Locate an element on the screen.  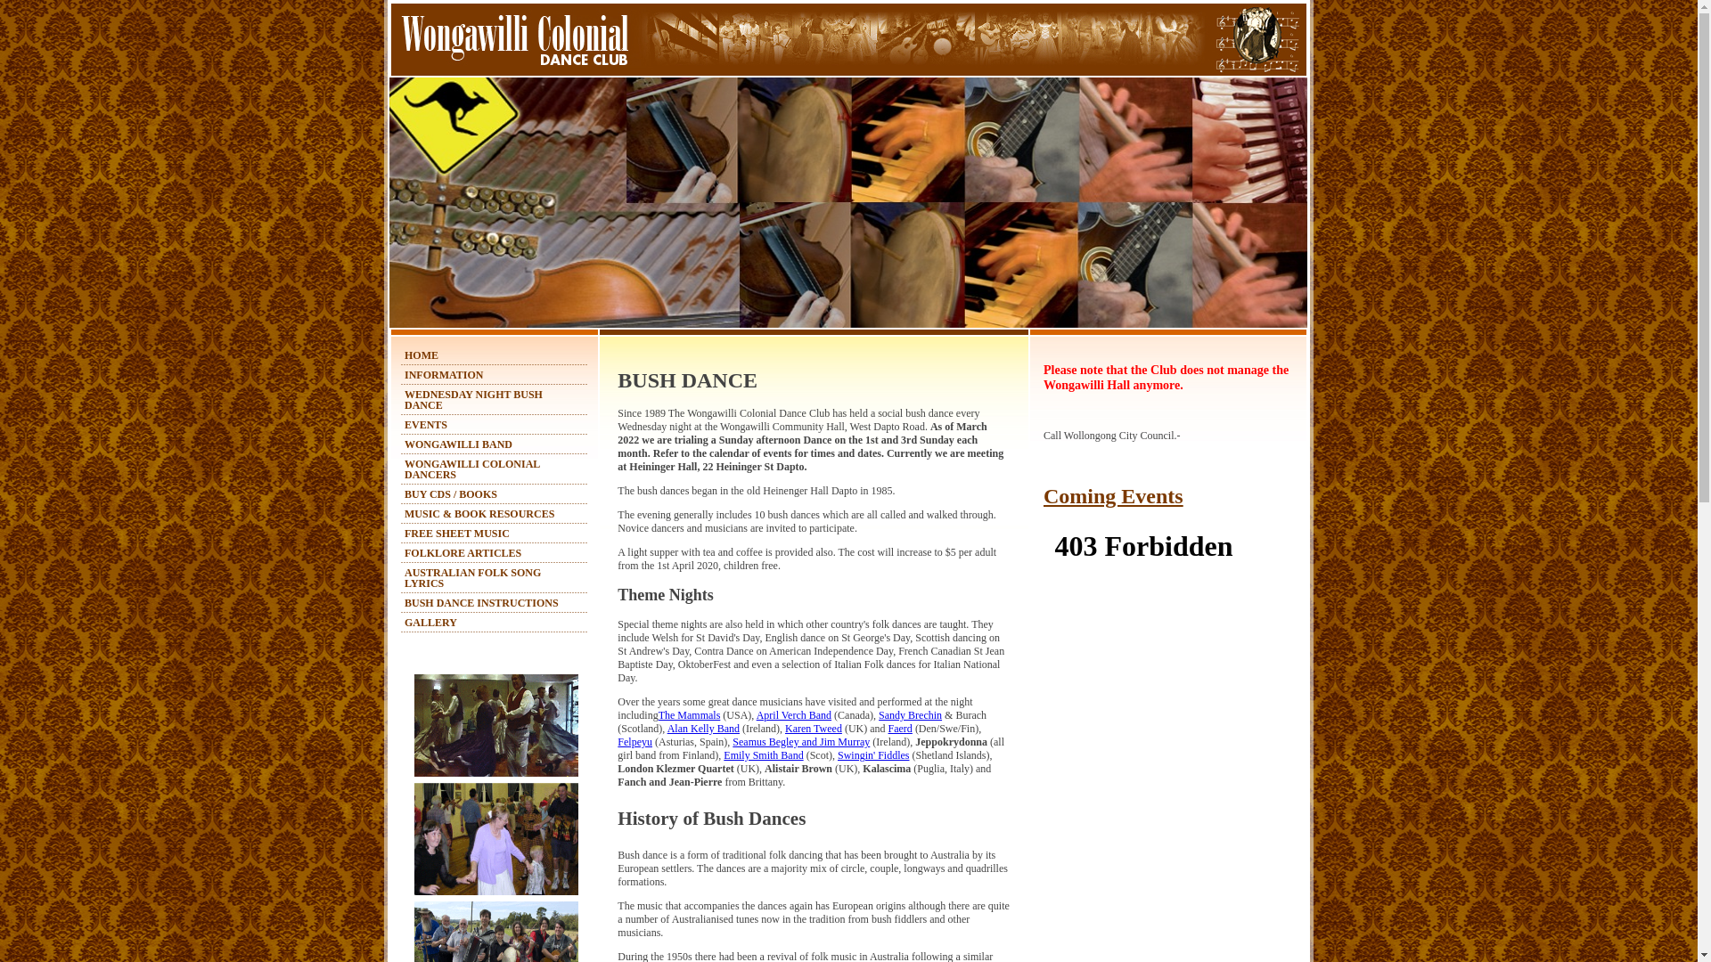
'Seamus Begley and Jim Murray' is located at coordinates (799, 742).